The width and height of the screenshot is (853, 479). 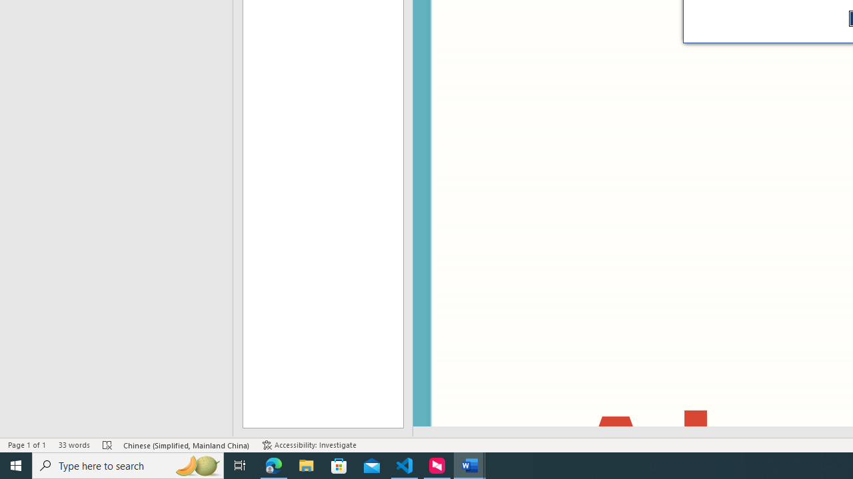 I want to click on 'Page Number Page 1 of 1', so click(x=27, y=445).